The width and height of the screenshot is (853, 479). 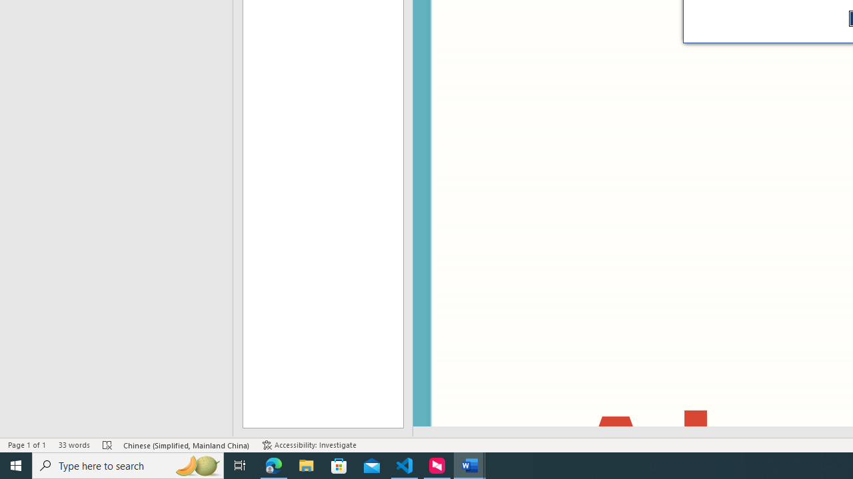 I want to click on 'Page Number Page 1 of 1', so click(x=27, y=445).